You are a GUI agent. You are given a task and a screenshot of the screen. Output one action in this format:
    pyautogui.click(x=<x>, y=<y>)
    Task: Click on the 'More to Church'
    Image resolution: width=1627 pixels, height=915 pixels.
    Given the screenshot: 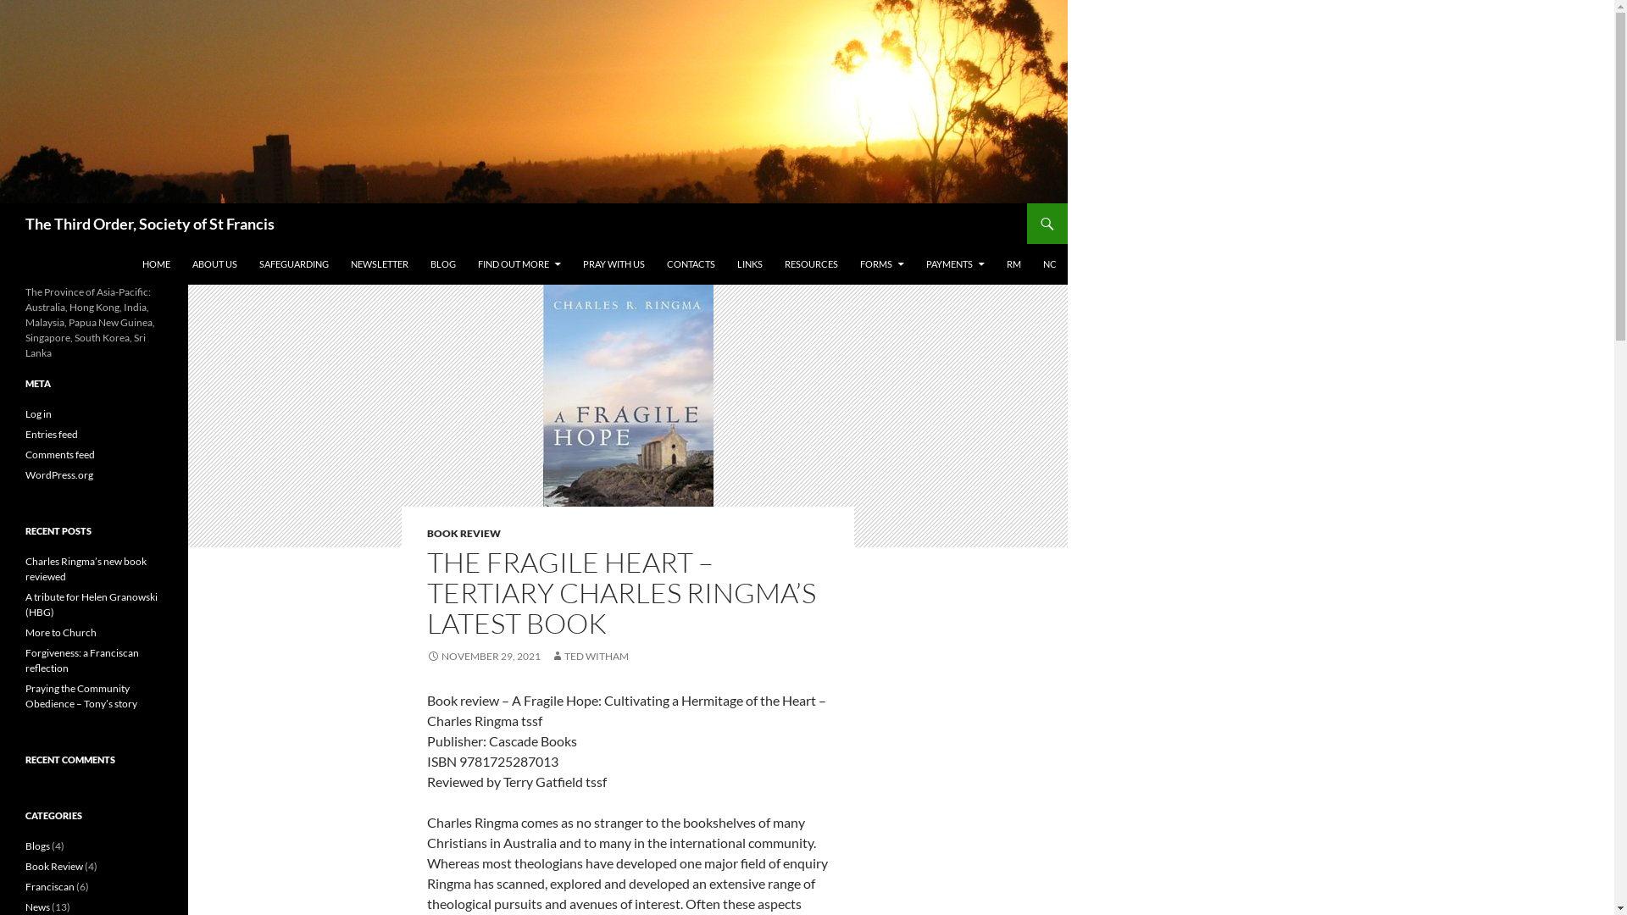 What is the action you would take?
    pyautogui.click(x=25, y=632)
    